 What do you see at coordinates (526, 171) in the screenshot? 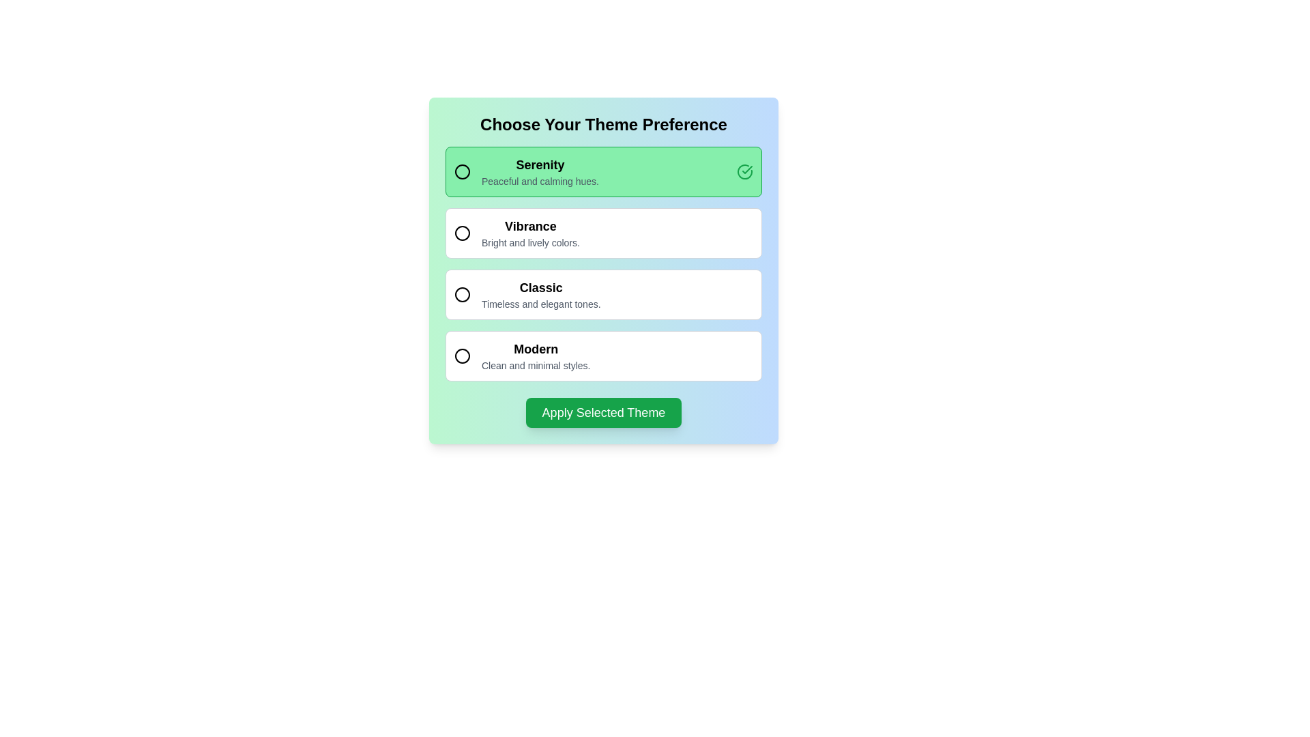
I see `text displayed in the label that shows the name and description of the selectable theme option, located in the first section of the theme list under 'Choose Your Theme Preference', left-aligned with the circular selector` at bounding box center [526, 171].